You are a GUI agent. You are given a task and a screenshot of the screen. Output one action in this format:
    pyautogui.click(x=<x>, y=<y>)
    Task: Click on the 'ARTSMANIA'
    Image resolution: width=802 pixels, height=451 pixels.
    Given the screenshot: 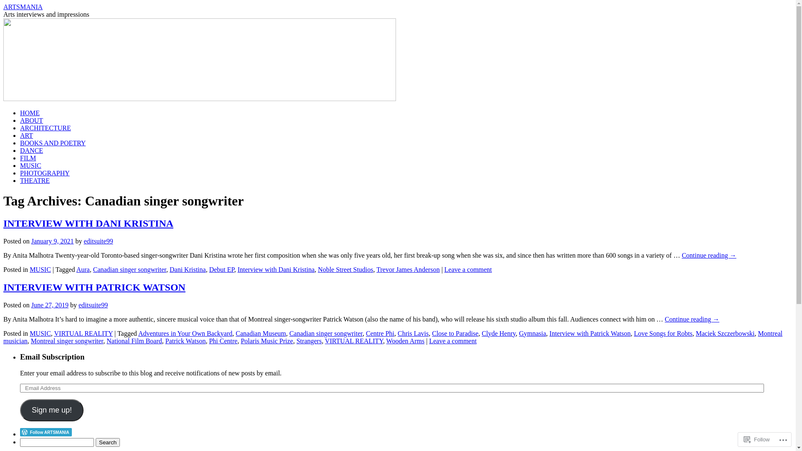 What is the action you would take?
    pyautogui.click(x=23, y=7)
    